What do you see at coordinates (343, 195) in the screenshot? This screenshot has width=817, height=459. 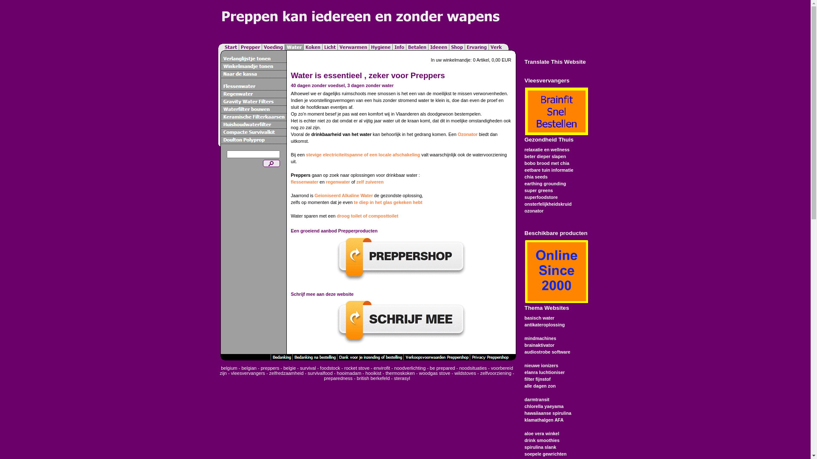 I see `'Geioniseerd Alkaline Water'` at bounding box center [343, 195].